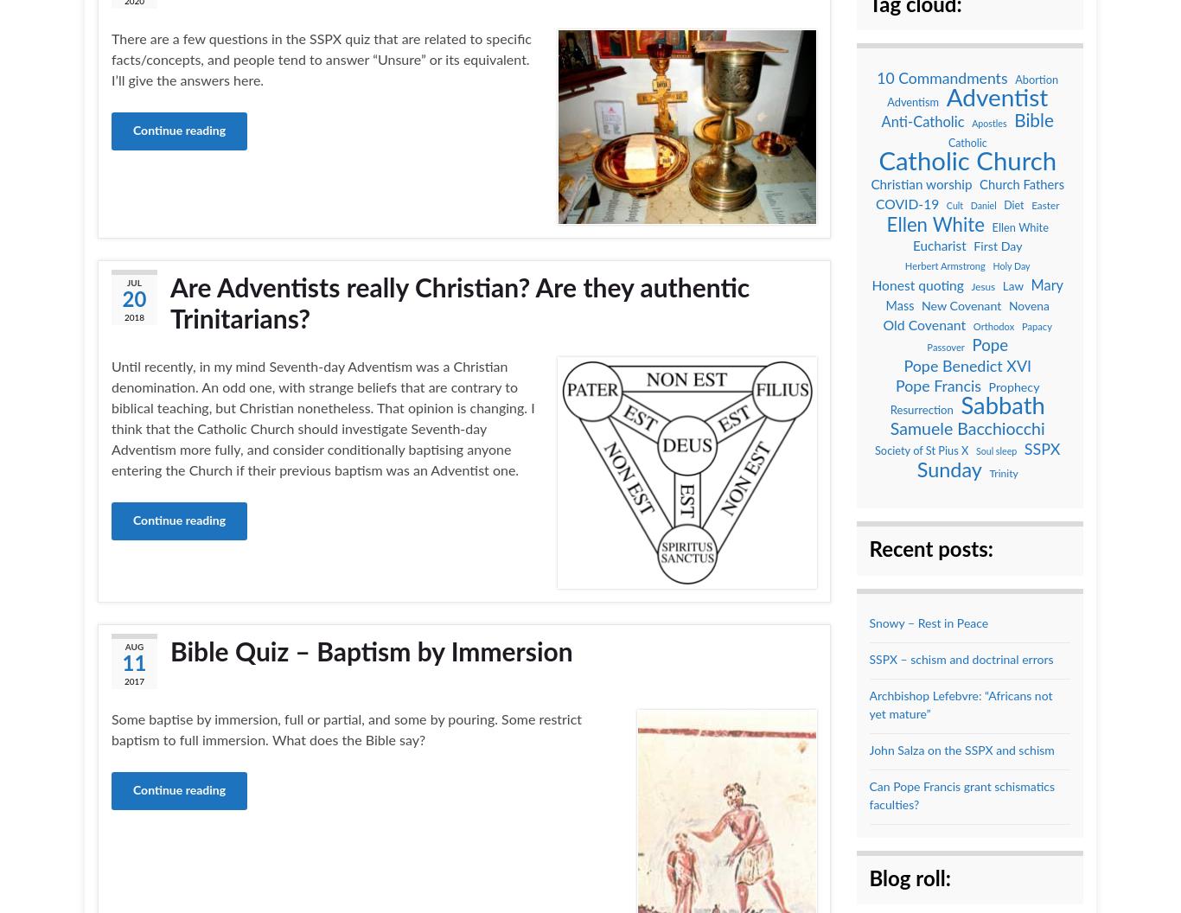 The height and width of the screenshot is (913, 1181). I want to click on 'Can Pope Francis grant schismatics faculties?', so click(961, 795).